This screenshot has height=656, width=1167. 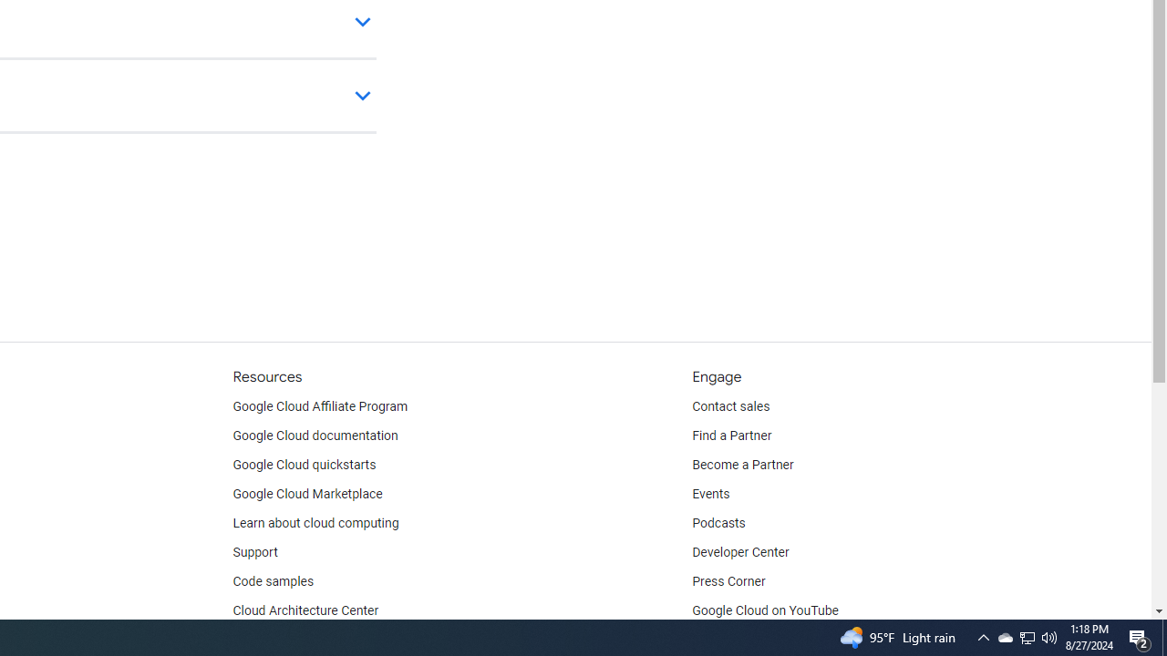 What do you see at coordinates (320, 406) in the screenshot?
I see `'Google Cloud Affiliate Program'` at bounding box center [320, 406].